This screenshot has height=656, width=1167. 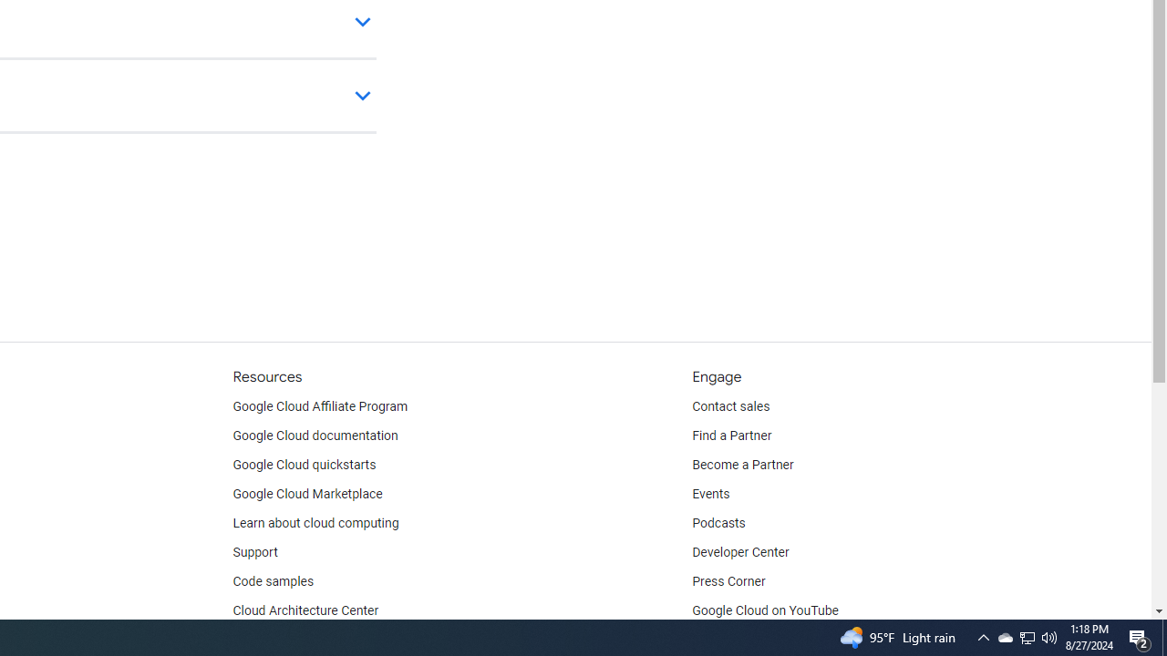 What do you see at coordinates (320, 406) in the screenshot?
I see `'Google Cloud Affiliate Program'` at bounding box center [320, 406].